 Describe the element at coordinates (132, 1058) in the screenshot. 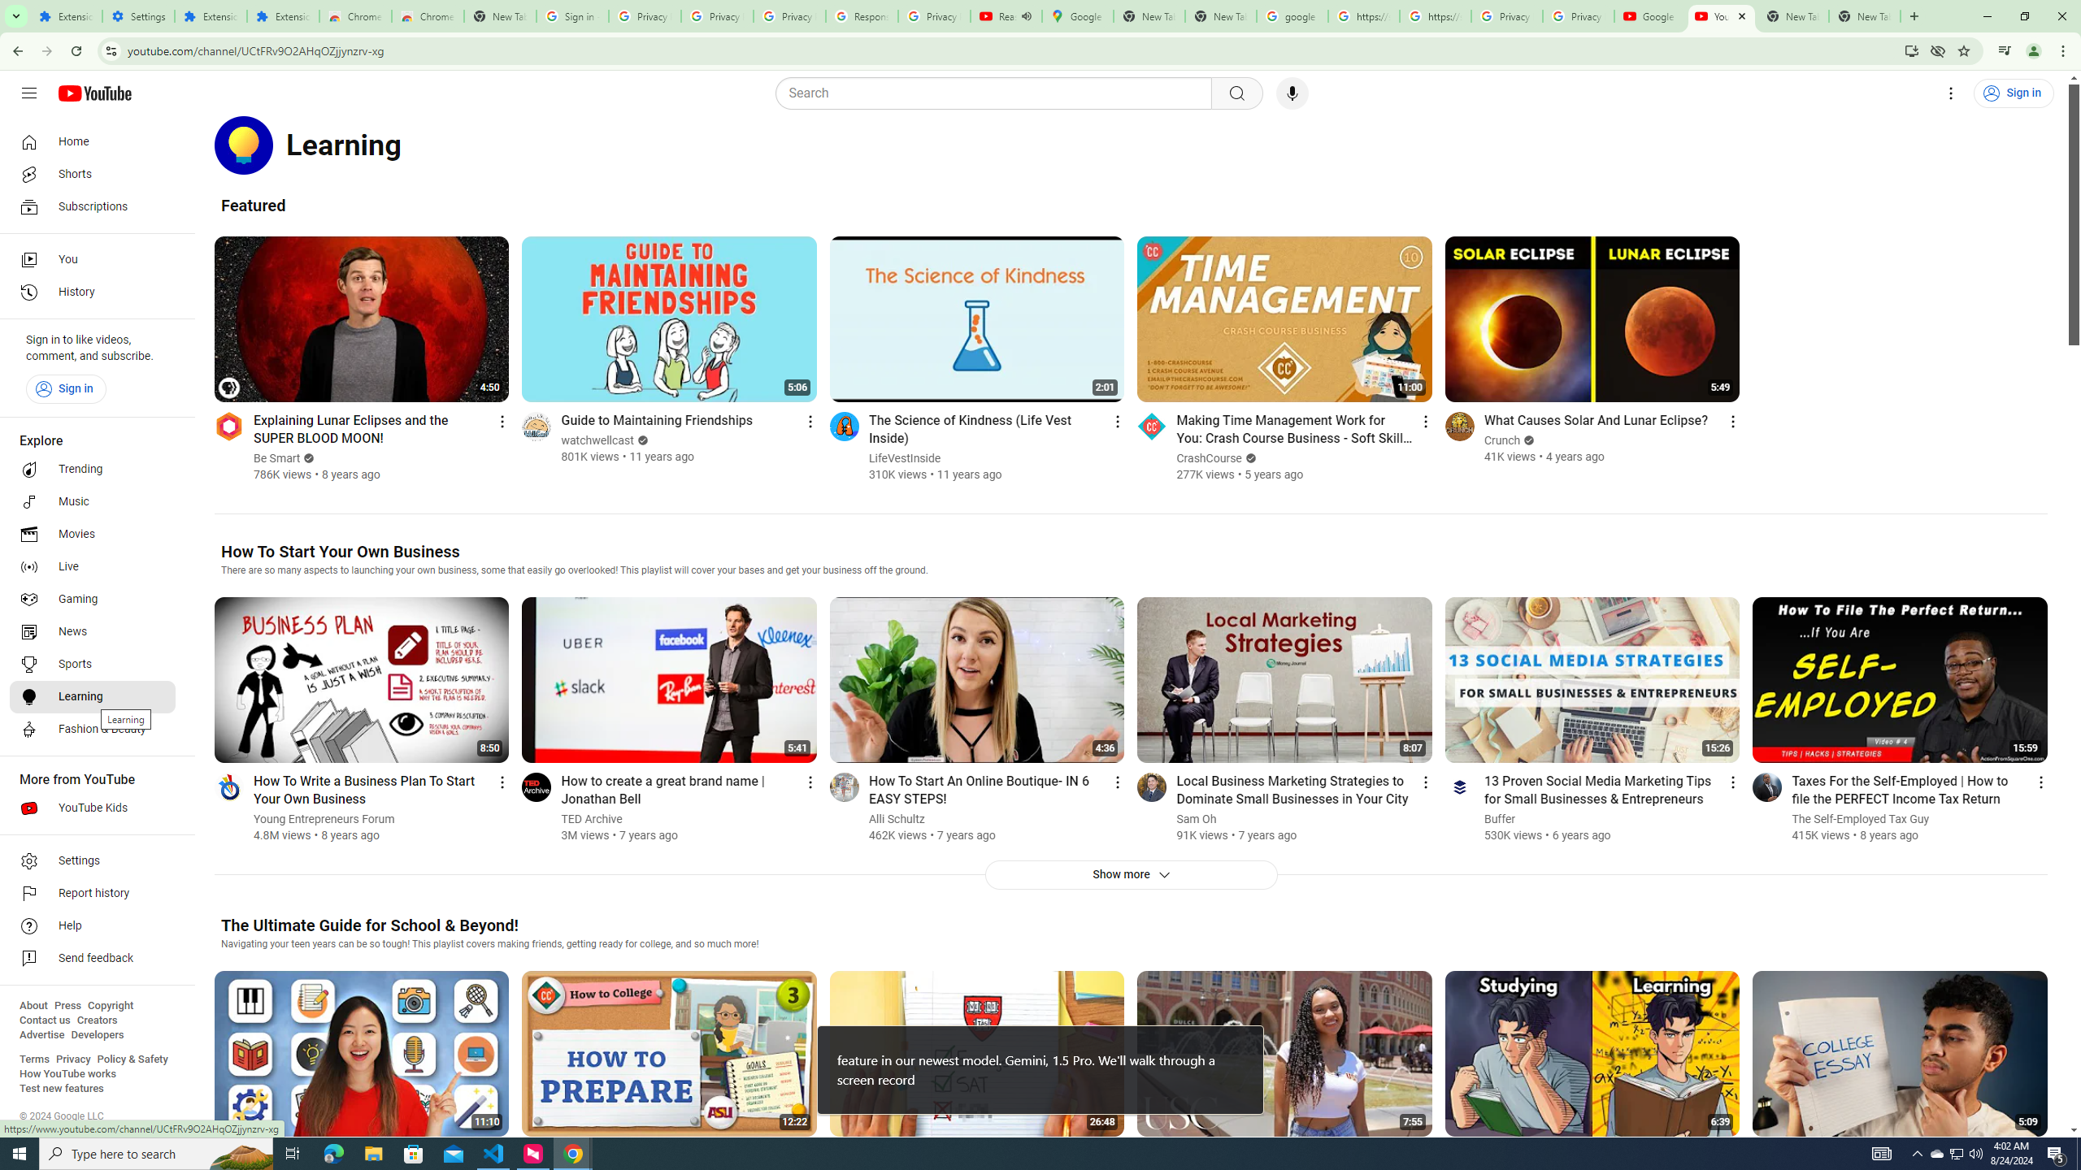

I see `'Policy & Safety'` at that location.